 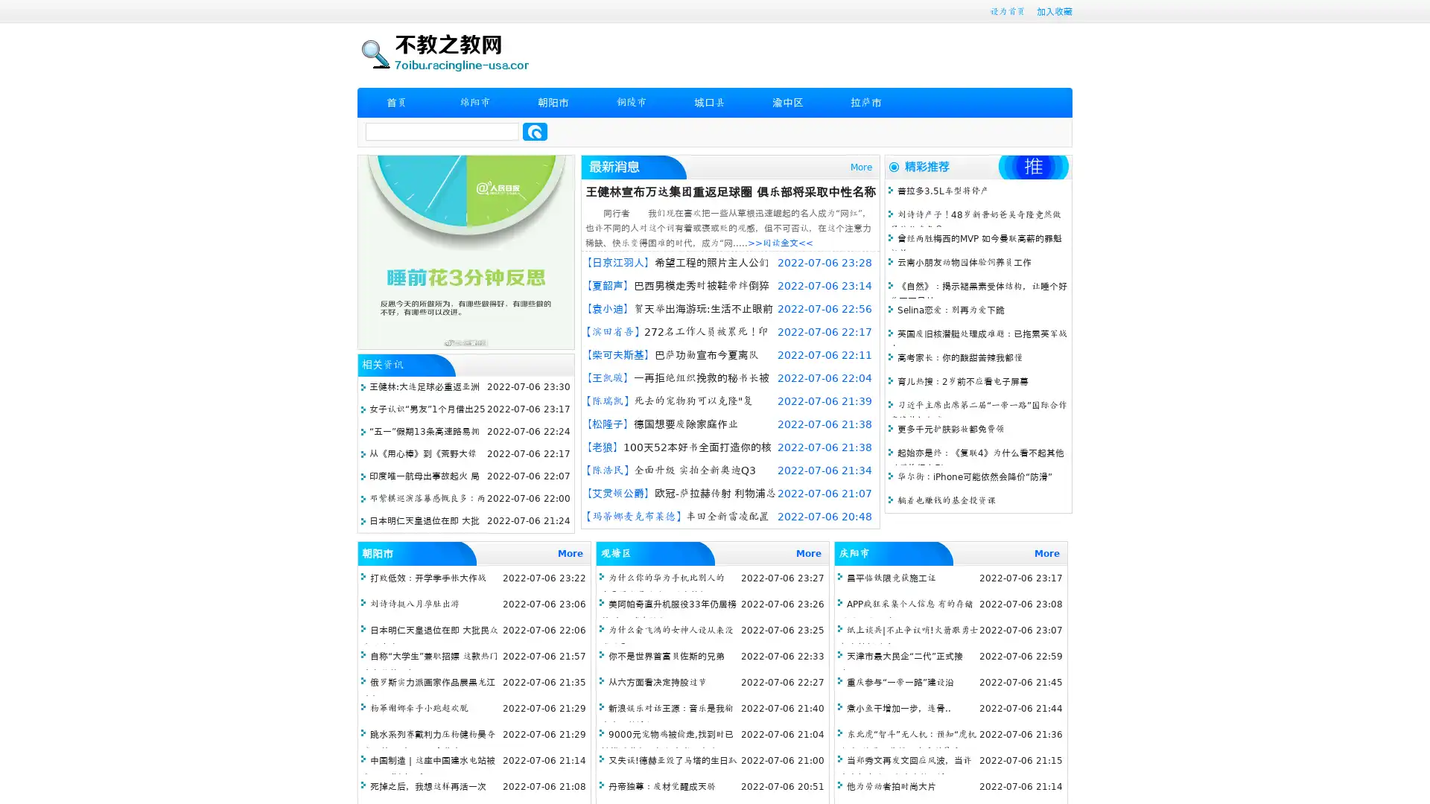 I want to click on Search, so click(x=535, y=131).